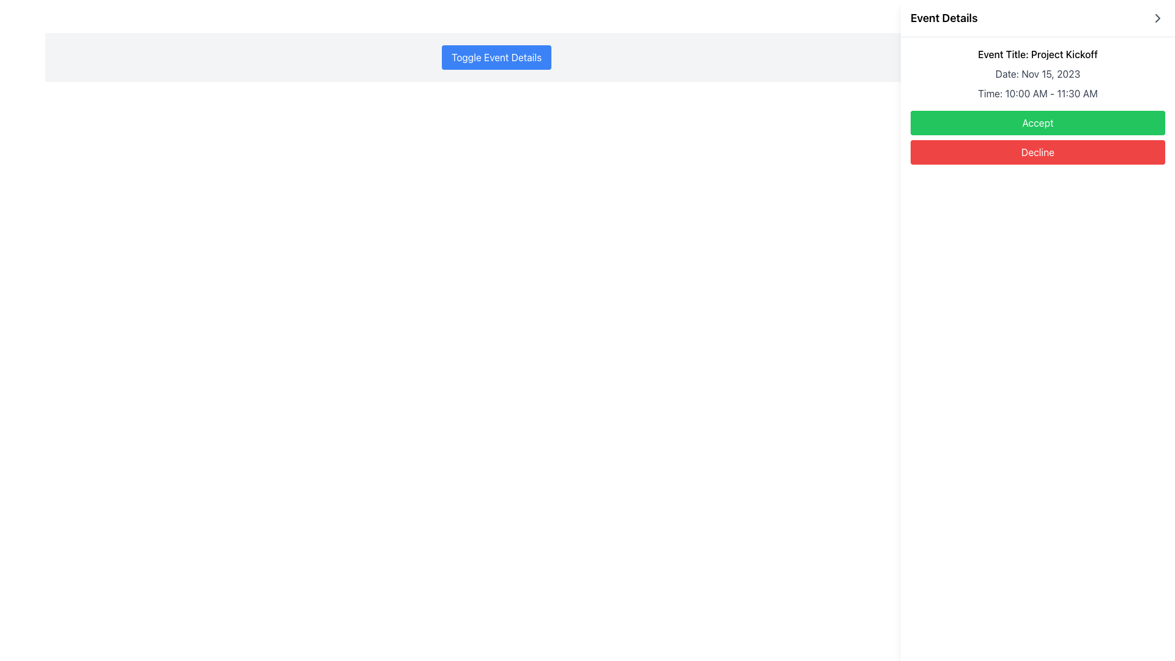  I want to click on the rectangular button with rounded corners and a blue background that contains the text 'Toggle Event Details', so click(496, 57).